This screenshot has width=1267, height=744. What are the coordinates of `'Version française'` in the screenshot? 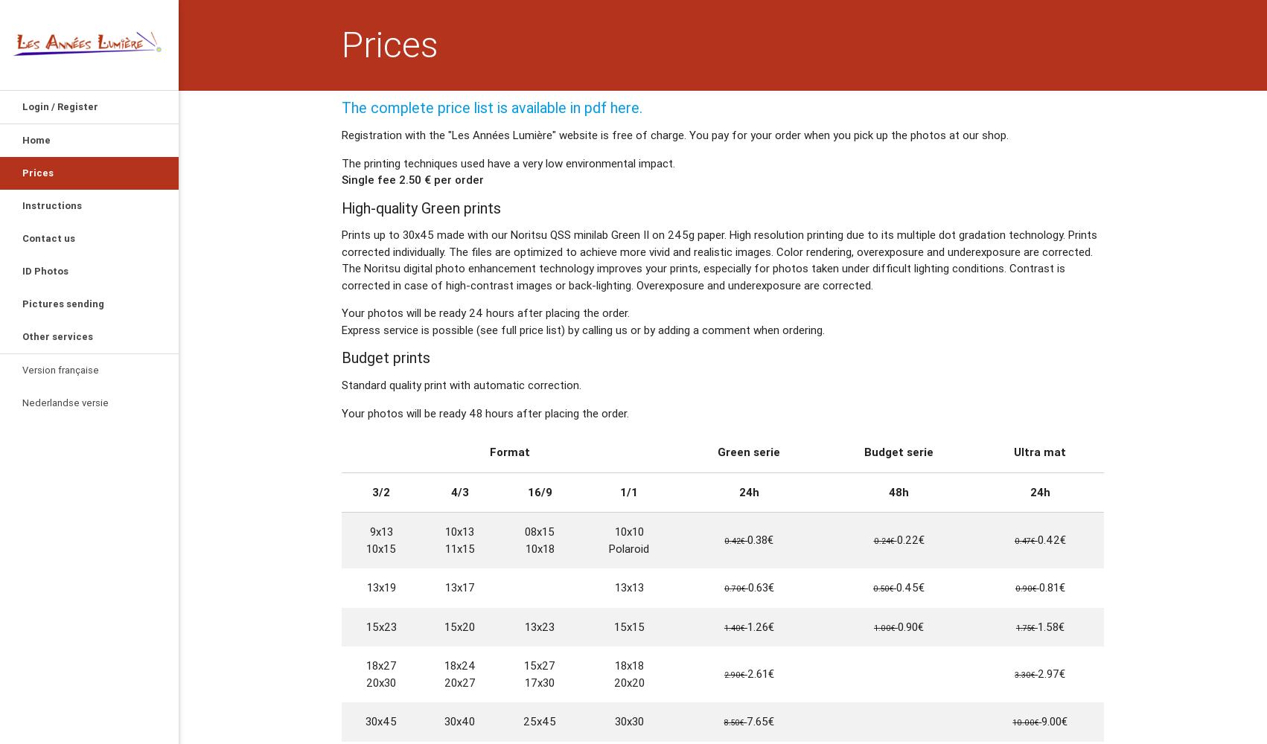 It's located at (60, 369).